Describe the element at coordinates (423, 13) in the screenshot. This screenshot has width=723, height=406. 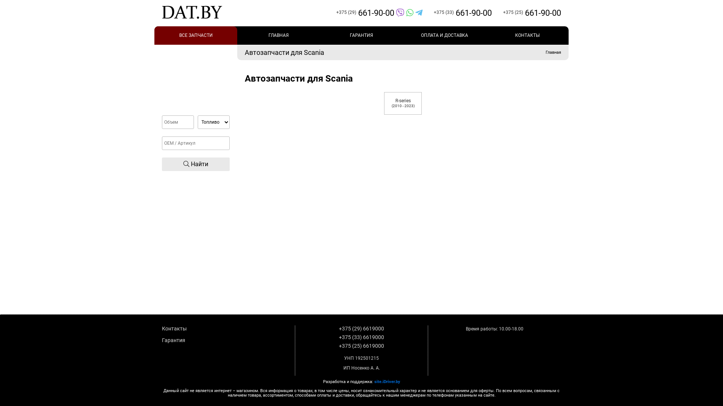
I see `'+375 (33)` at that location.